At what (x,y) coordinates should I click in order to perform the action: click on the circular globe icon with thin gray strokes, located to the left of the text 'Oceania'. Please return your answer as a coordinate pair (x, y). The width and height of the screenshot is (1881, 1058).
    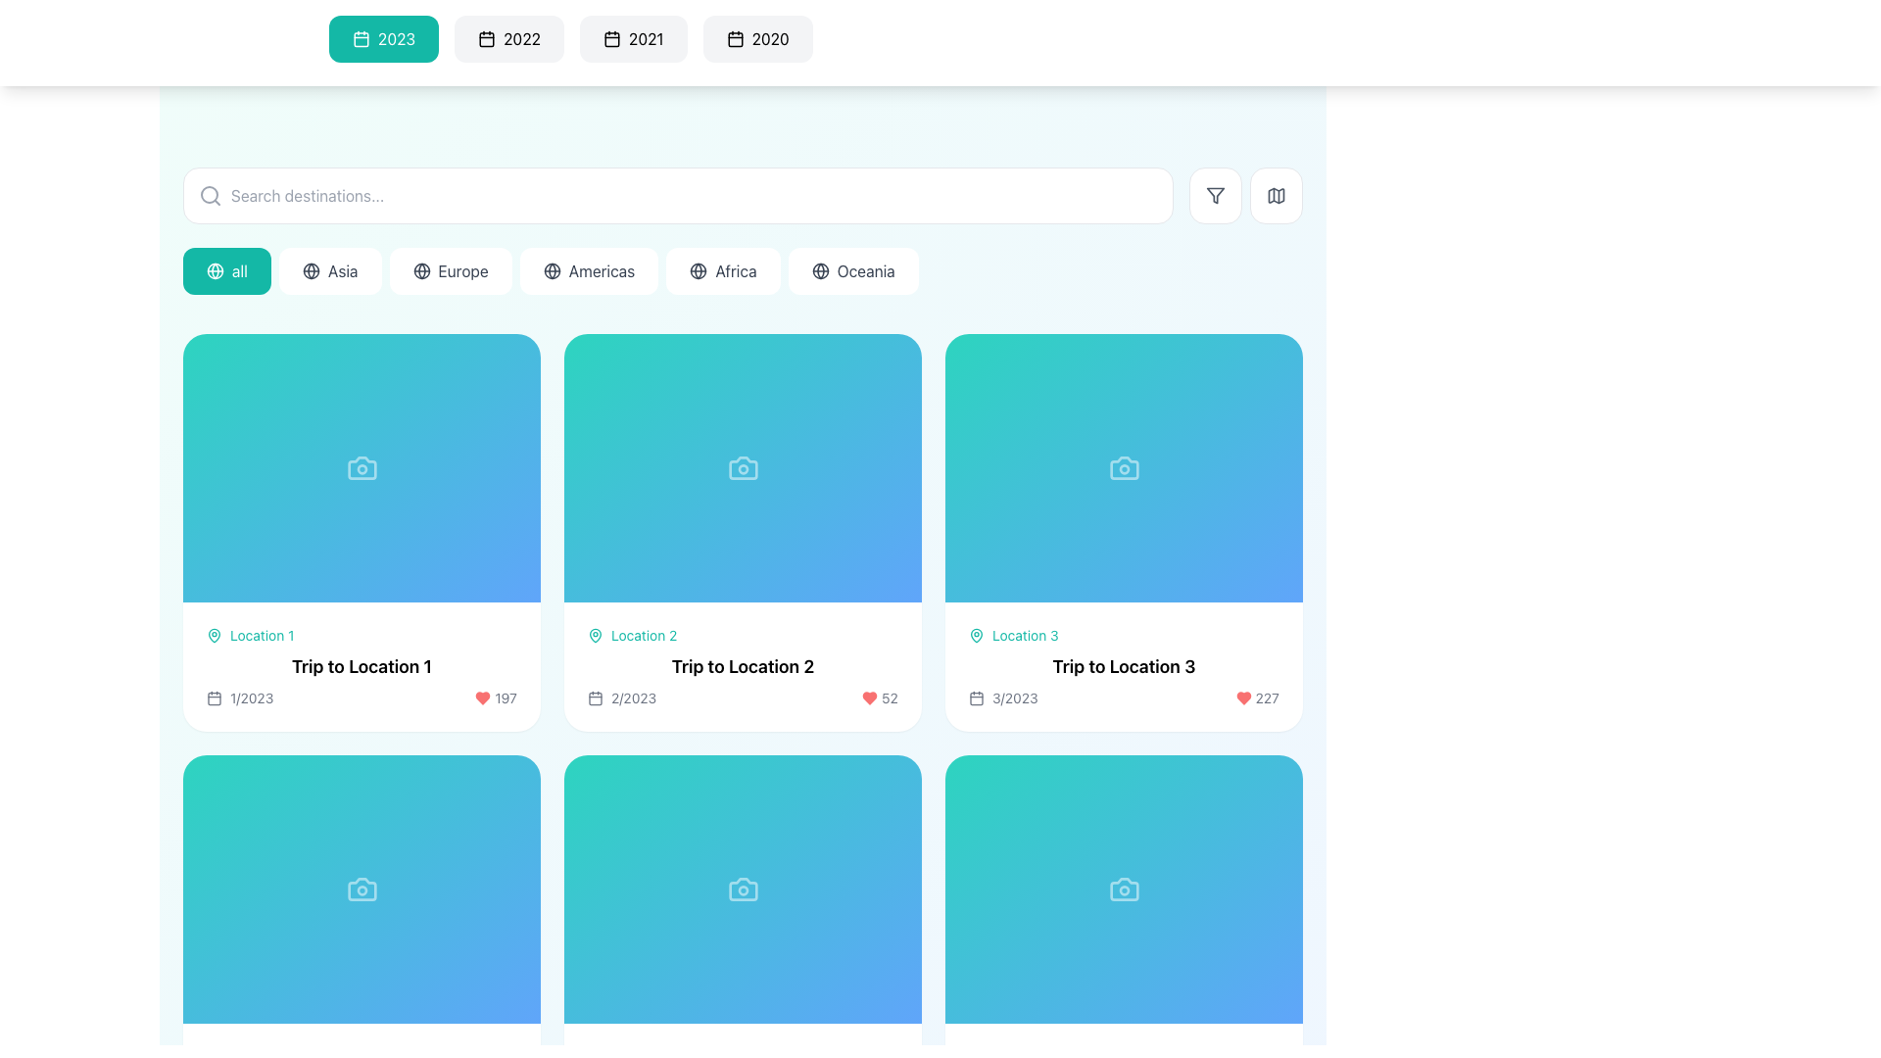
    Looking at the image, I should click on (820, 271).